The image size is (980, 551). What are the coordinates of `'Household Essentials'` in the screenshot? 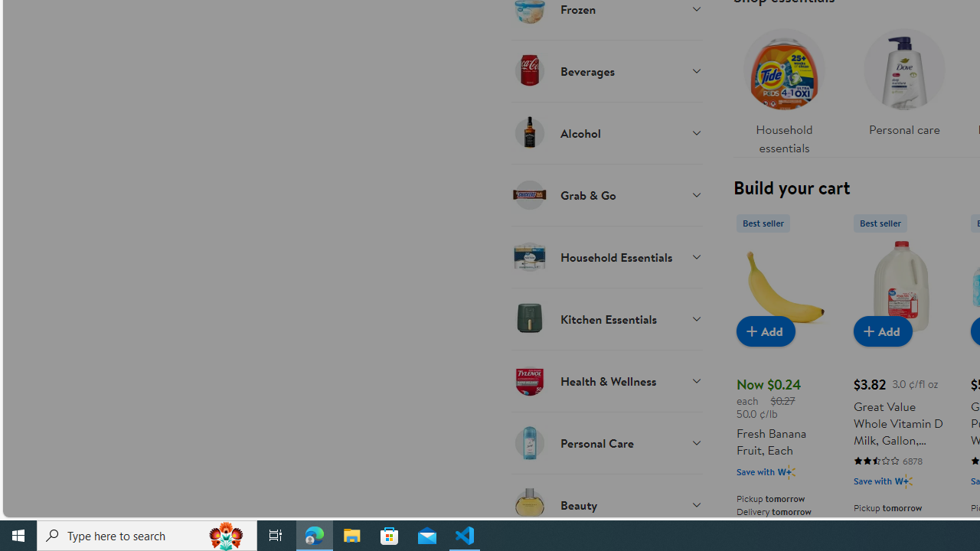 It's located at (606, 256).